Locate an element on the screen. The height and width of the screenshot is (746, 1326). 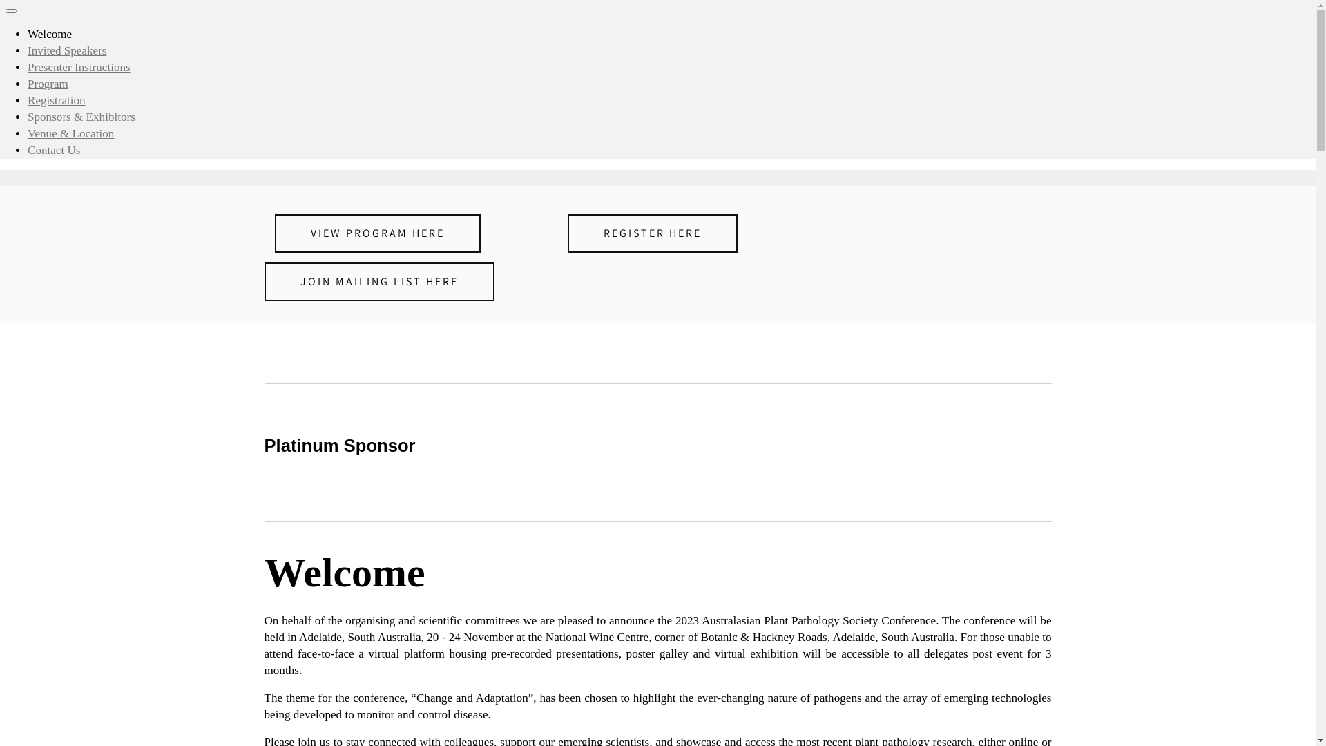
'Contact Us' is located at coordinates (54, 150).